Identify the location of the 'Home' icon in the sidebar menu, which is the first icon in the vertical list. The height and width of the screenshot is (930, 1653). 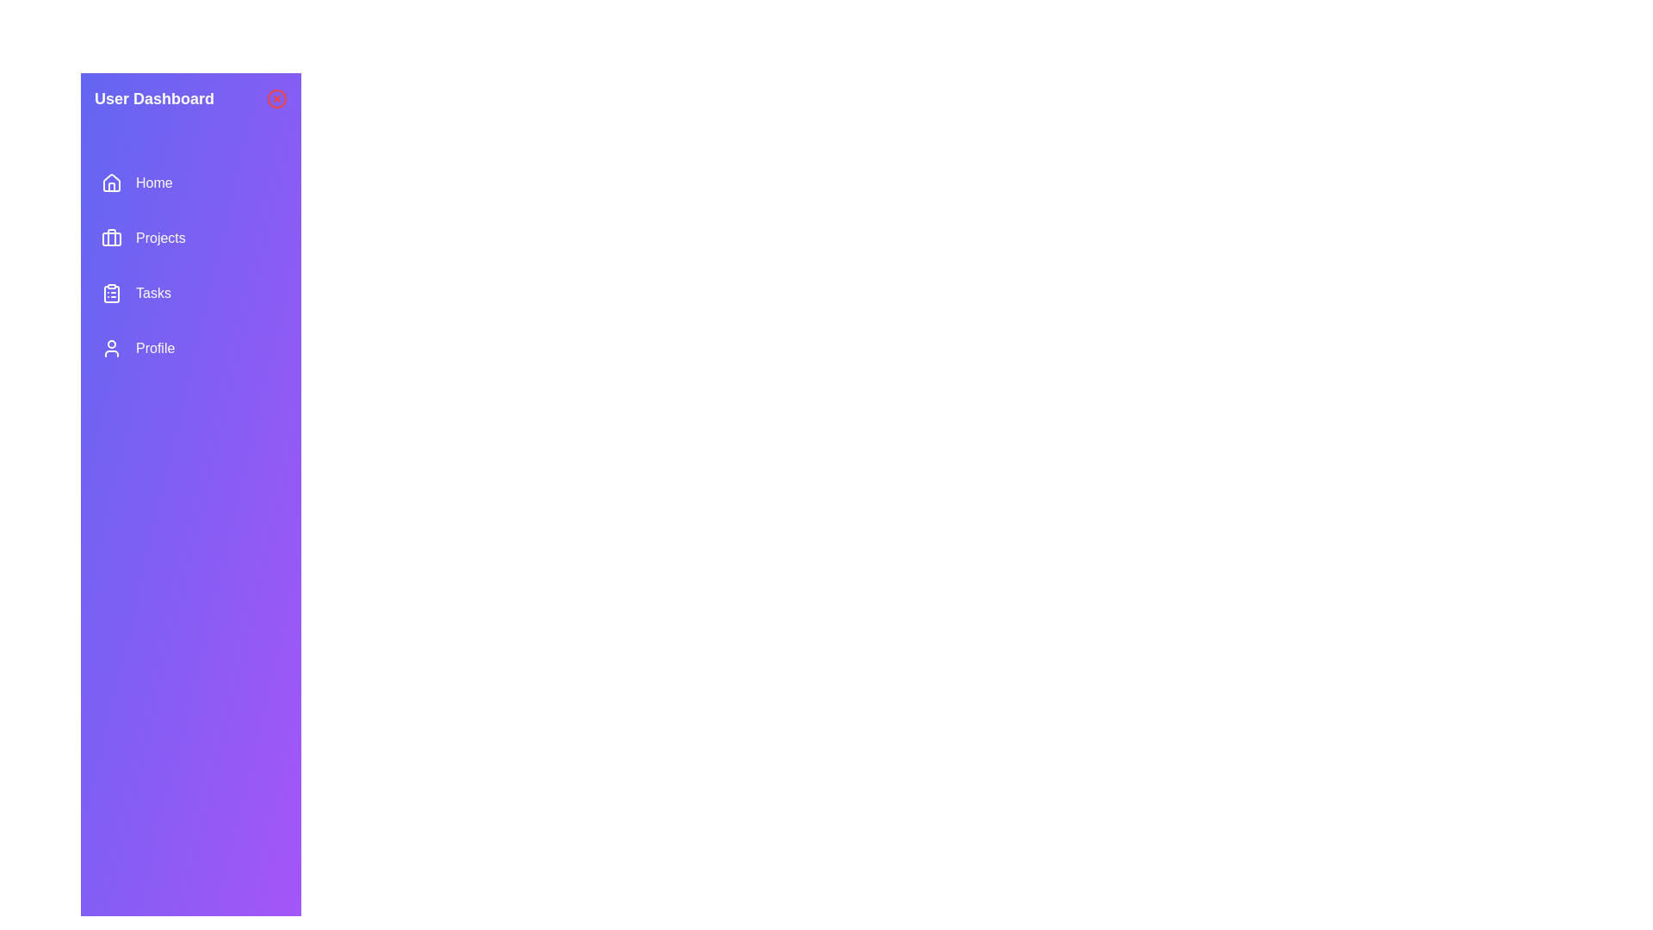
(110, 183).